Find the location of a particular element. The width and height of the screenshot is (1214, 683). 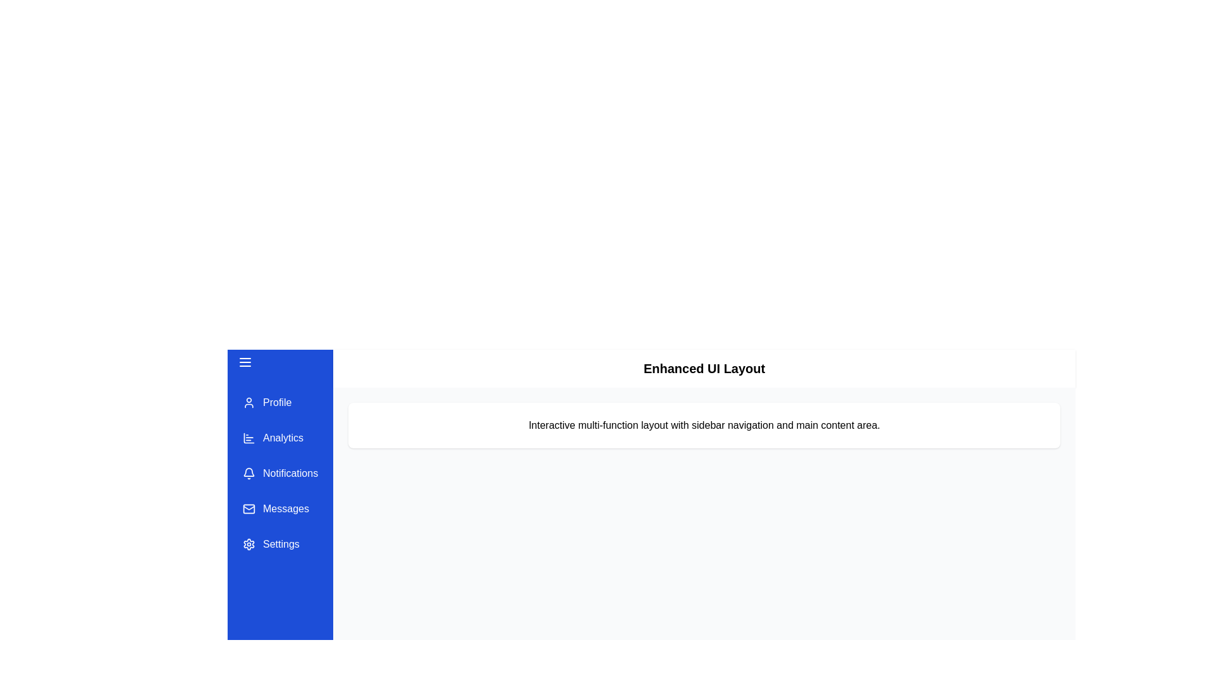

the 'Settings' text label displayed in white font against a blue background is located at coordinates (280, 543).